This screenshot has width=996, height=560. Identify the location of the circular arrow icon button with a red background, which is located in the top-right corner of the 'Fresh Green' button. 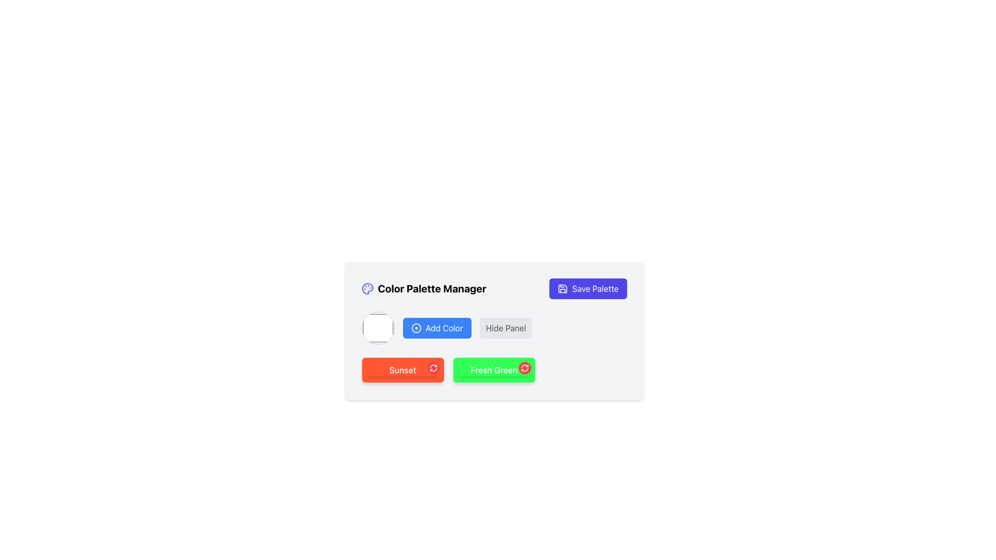
(433, 367).